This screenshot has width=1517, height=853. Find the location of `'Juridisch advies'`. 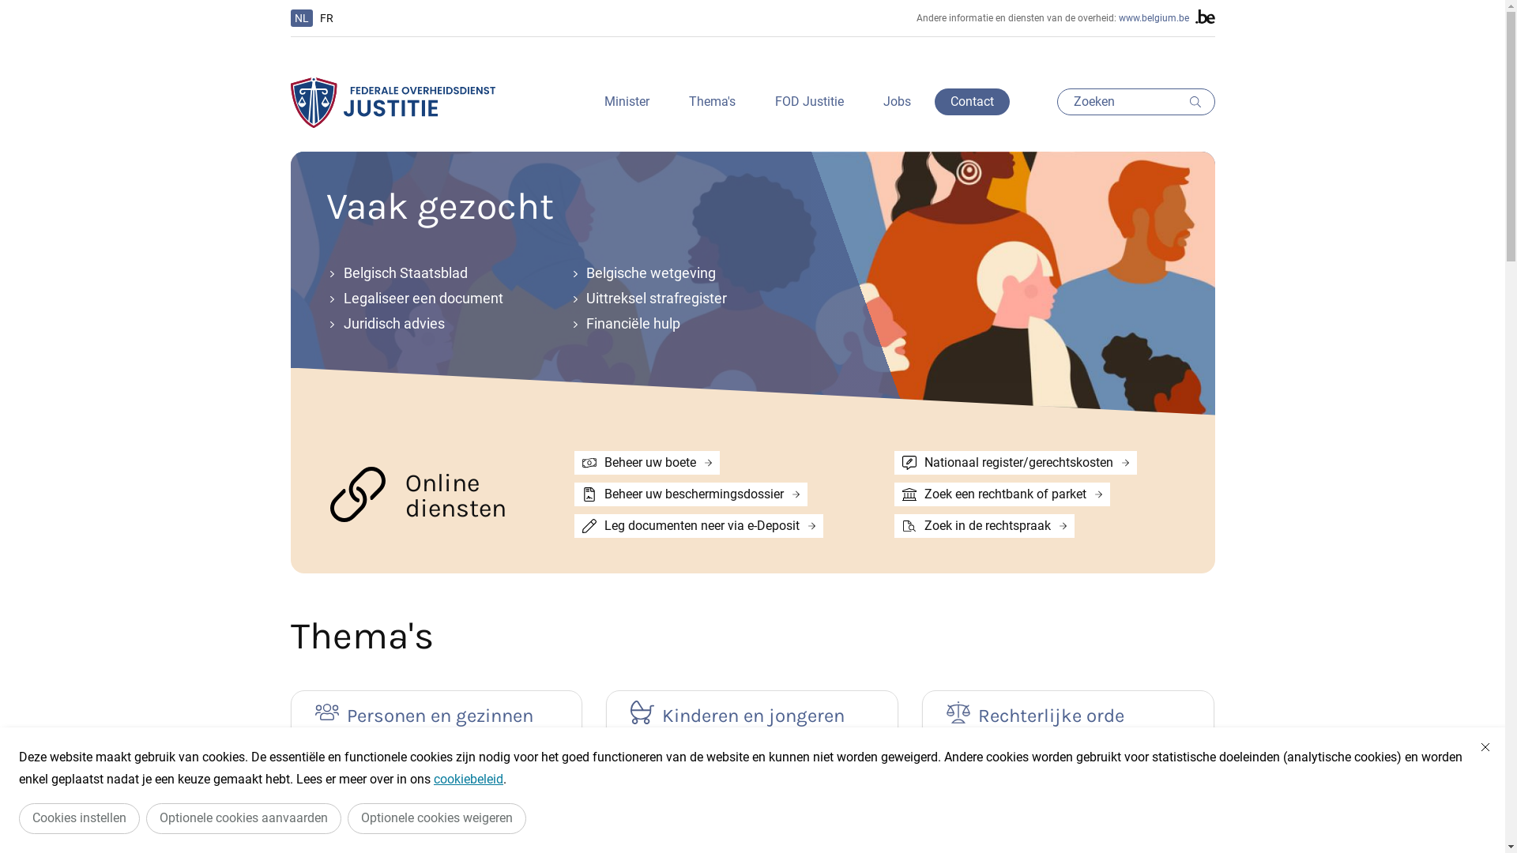

'Juridisch advies' is located at coordinates (428, 322).